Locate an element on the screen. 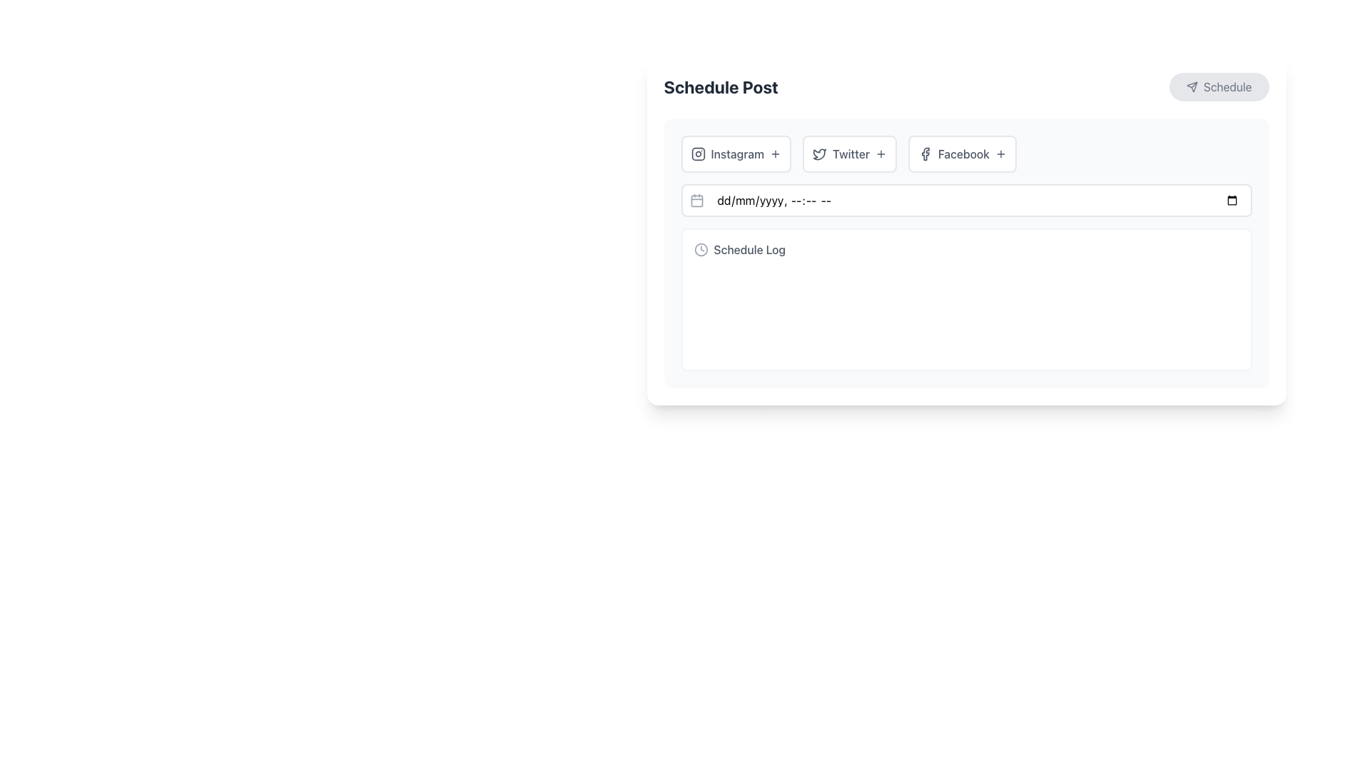 This screenshot has width=1370, height=771. the Instagram button, which is the first button in a horizontal row and features the Instagram logo and a plus icon, to interact with it is located at coordinates (736, 154).